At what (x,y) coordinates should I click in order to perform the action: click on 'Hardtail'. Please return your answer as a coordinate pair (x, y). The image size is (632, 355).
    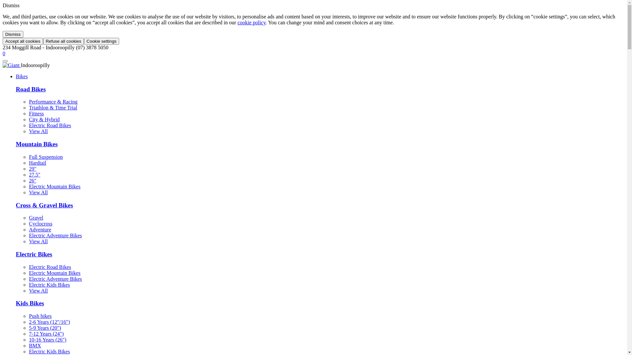
    Looking at the image, I should click on (37, 163).